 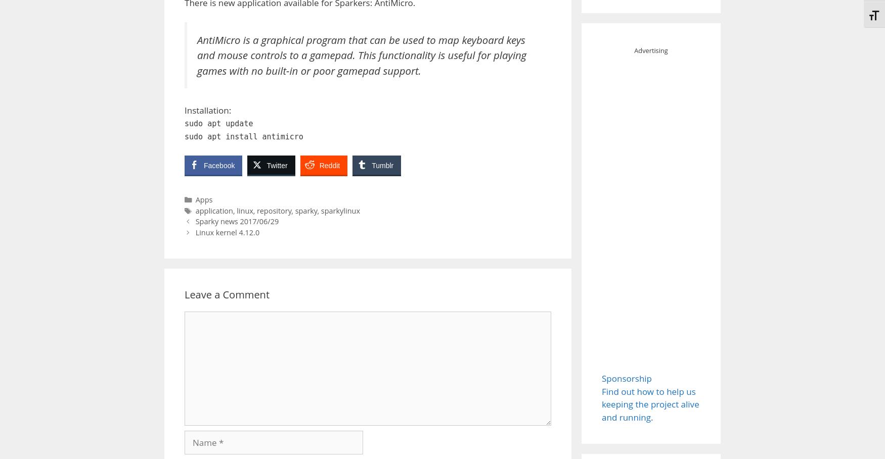 What do you see at coordinates (276, 165) in the screenshot?
I see `'Twitter'` at bounding box center [276, 165].